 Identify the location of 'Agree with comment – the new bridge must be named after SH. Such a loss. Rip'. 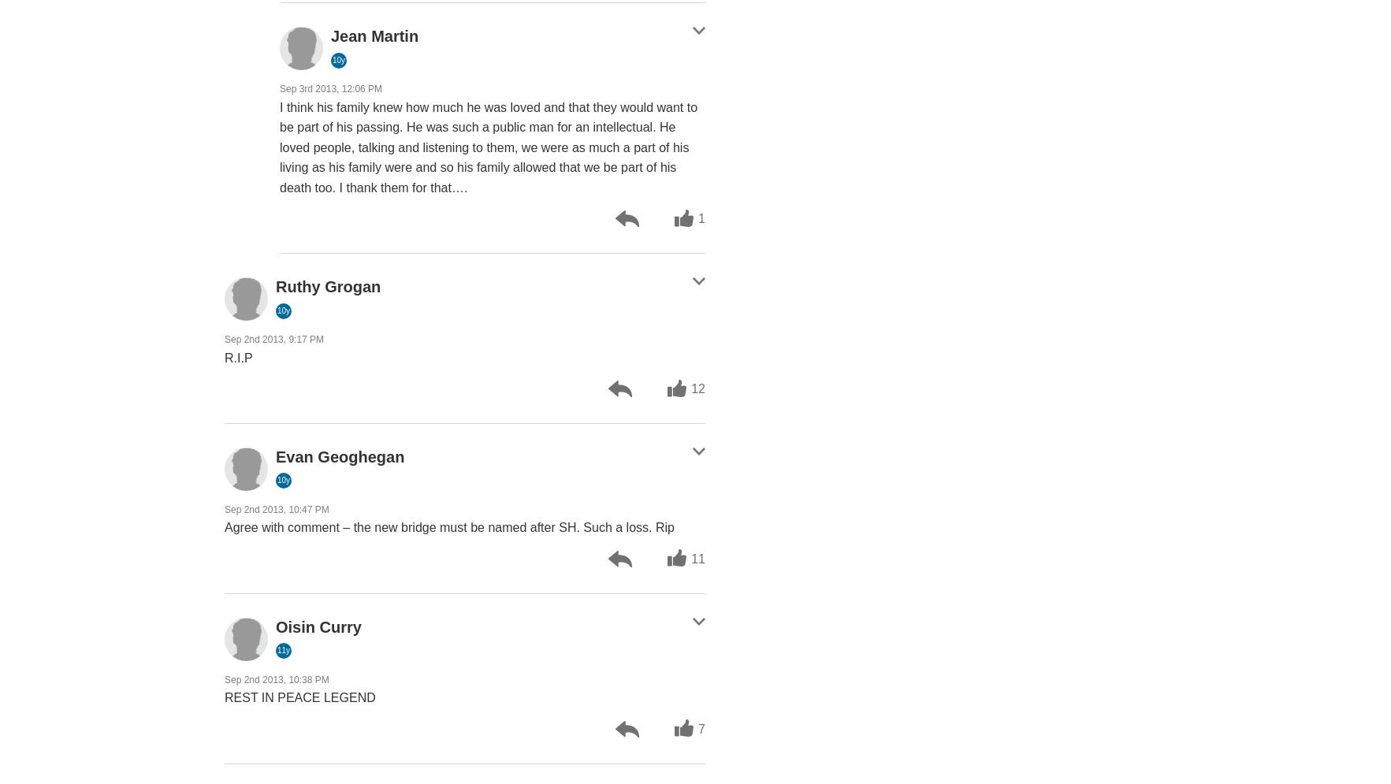
(448, 526).